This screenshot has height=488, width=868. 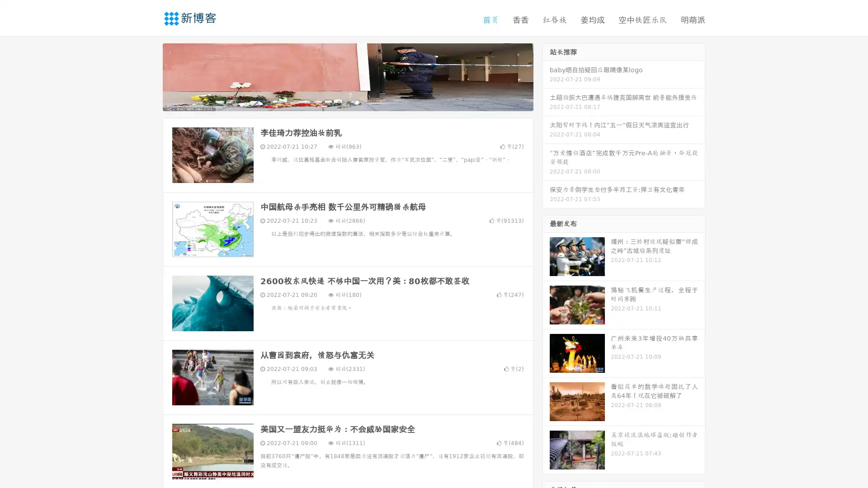 What do you see at coordinates (357, 102) in the screenshot?
I see `Go to slide 3` at bounding box center [357, 102].